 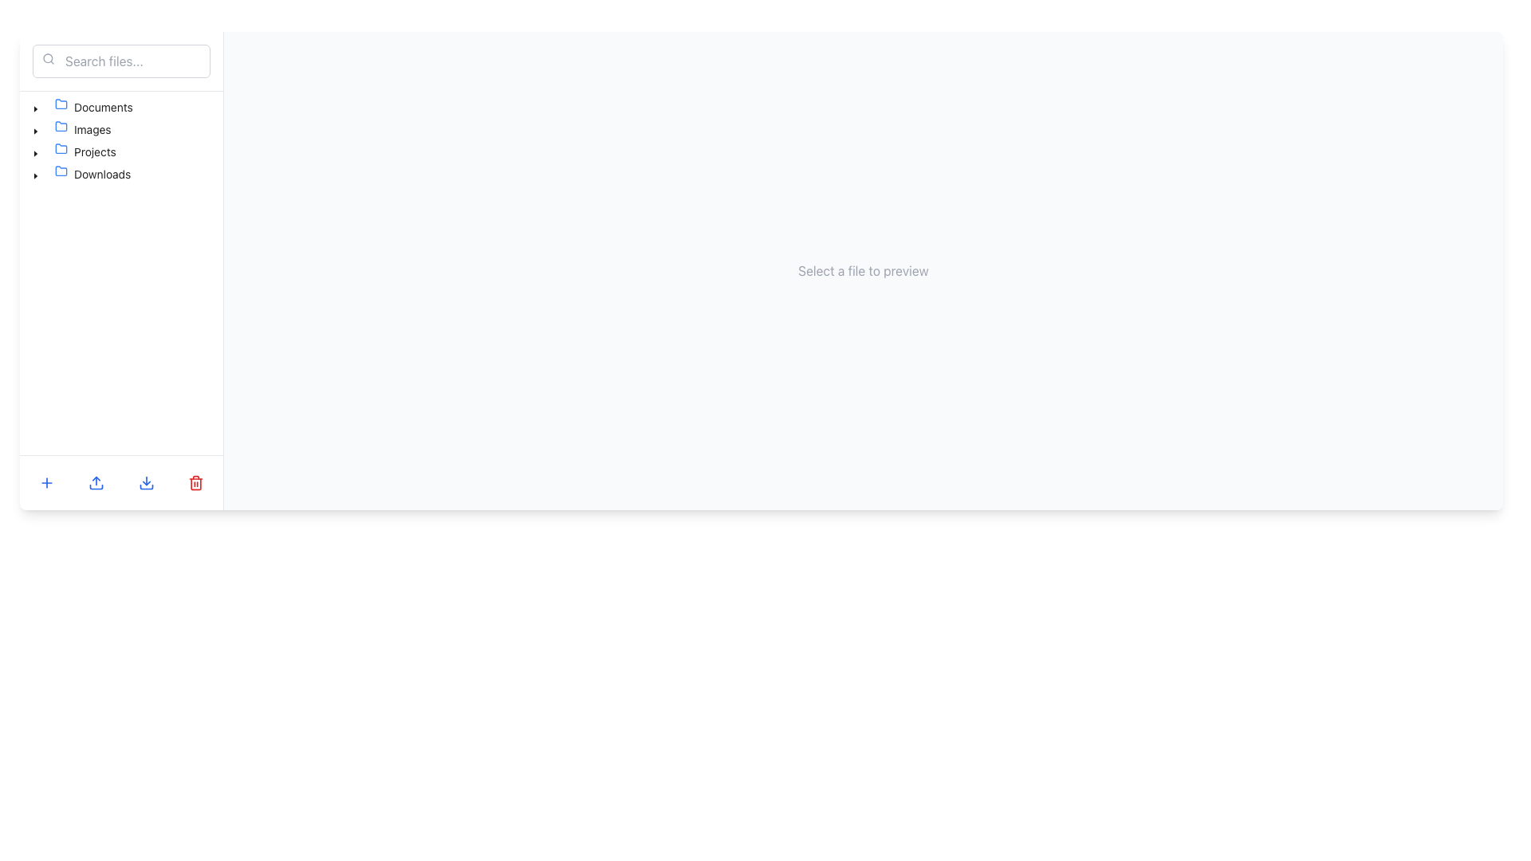 I want to click on the downward-facing caret icon next to the 'Documents' folder label in the file navigation tree, so click(x=35, y=108).